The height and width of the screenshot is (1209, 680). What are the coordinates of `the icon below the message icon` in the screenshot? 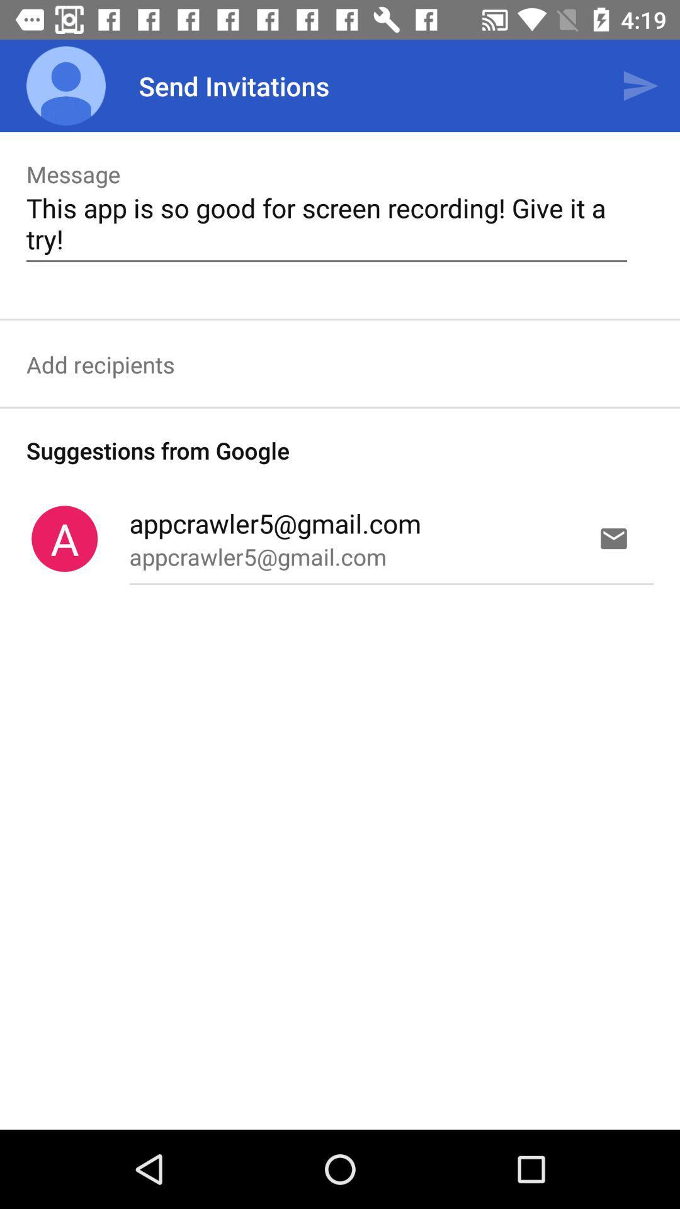 It's located at (326, 223).